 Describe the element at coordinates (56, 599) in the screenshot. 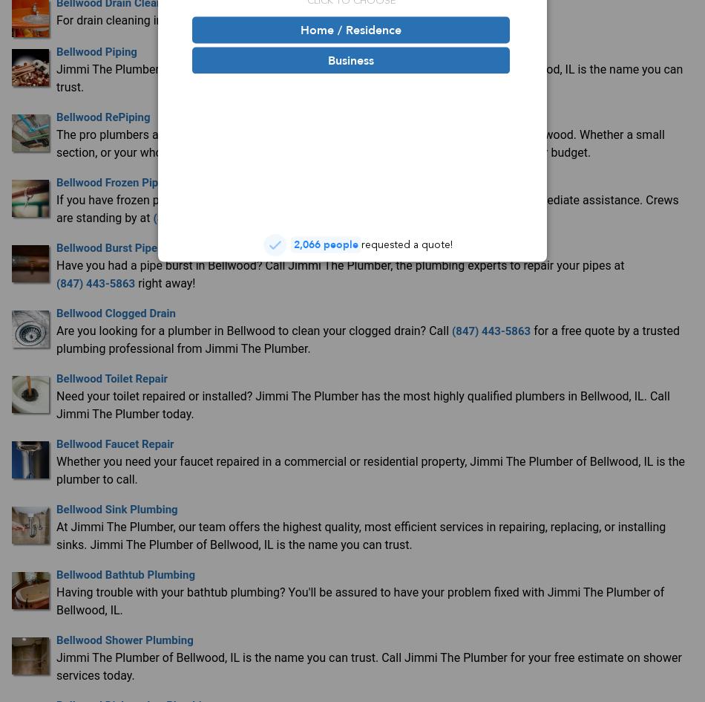

I see `'Having trouble with your bathtub plumbing? You'll be assured to have your problem fixed with Jimmi The Plumber of Bellwood, IL.'` at that location.